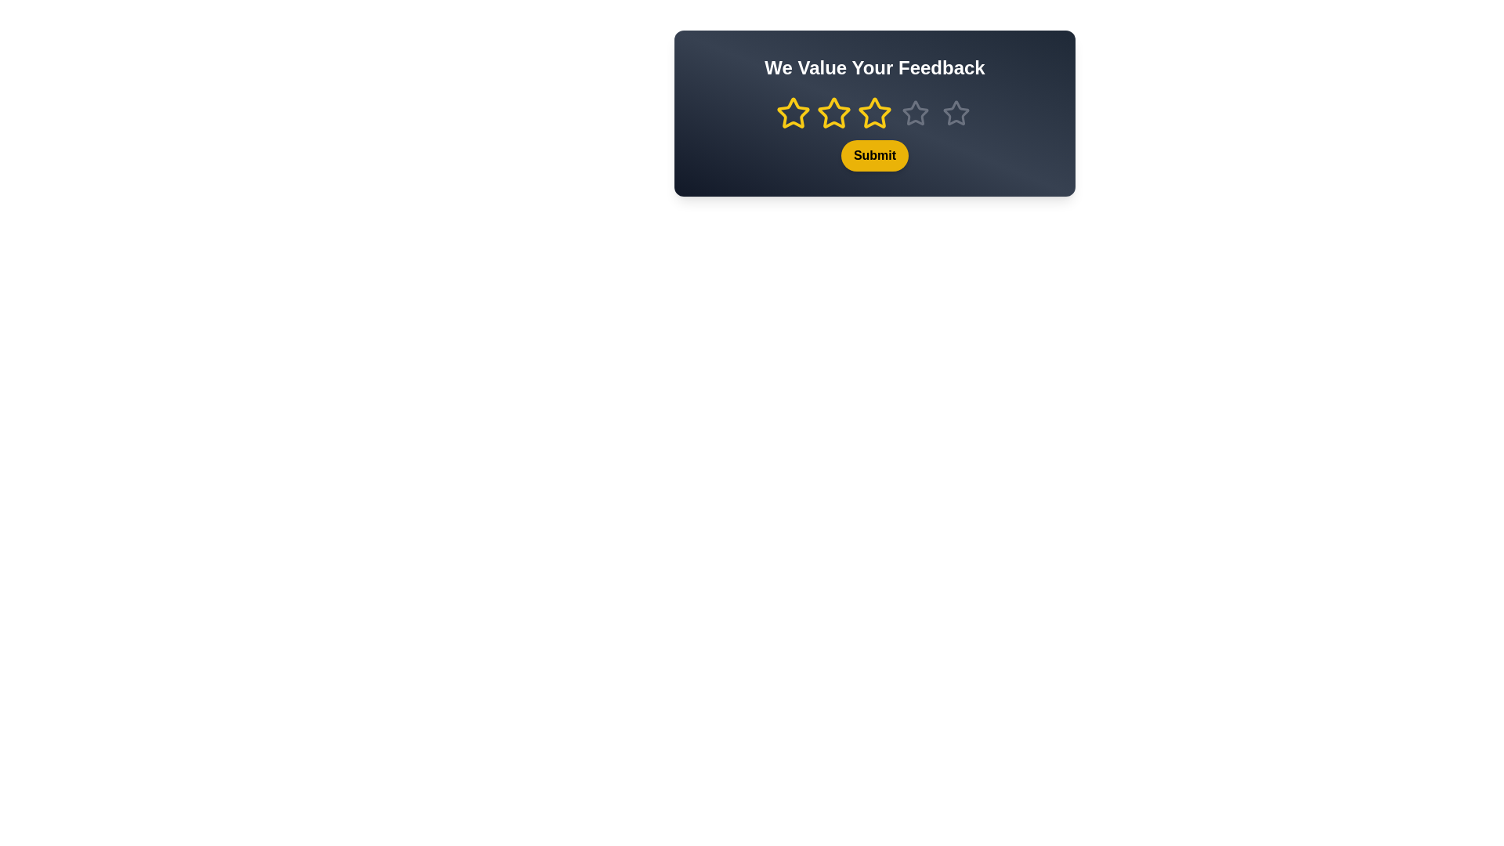 The image size is (1504, 846). Describe the element at coordinates (916, 113) in the screenshot. I see `the fourth star-shaped icon from the left` at that location.